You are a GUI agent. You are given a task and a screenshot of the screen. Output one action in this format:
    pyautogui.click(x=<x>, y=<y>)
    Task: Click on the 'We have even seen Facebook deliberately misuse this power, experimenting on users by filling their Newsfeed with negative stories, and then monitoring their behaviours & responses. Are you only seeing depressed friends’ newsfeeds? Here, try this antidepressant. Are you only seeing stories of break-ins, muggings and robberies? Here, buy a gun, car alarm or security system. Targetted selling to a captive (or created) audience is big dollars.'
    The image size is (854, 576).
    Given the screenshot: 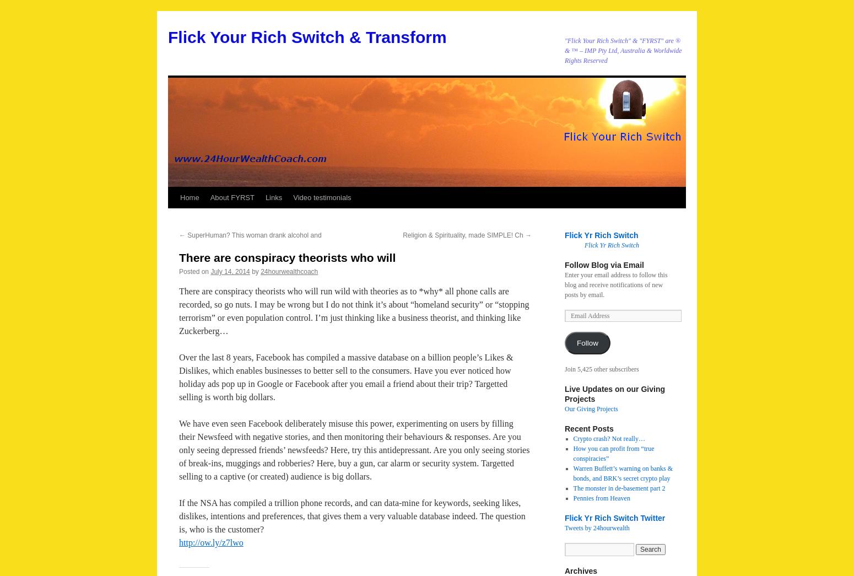 What is the action you would take?
    pyautogui.click(x=353, y=449)
    